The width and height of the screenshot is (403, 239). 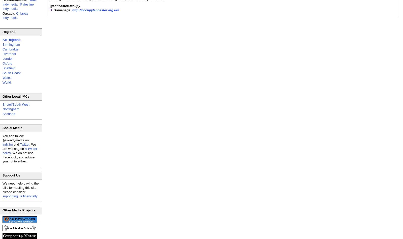 What do you see at coordinates (65, 6) in the screenshot?
I see `'@LancasterOccupy'` at bounding box center [65, 6].